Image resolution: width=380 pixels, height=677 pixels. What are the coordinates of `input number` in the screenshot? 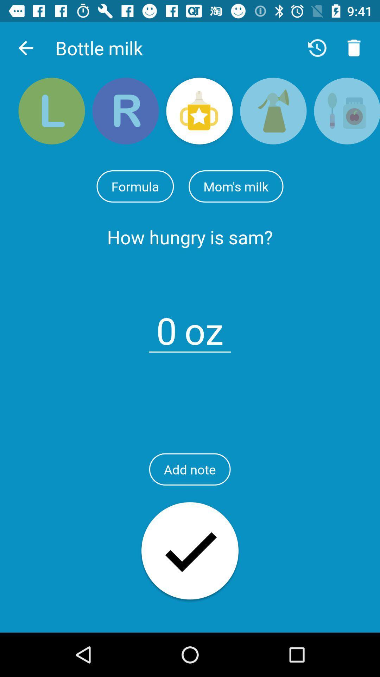 It's located at (166, 326).